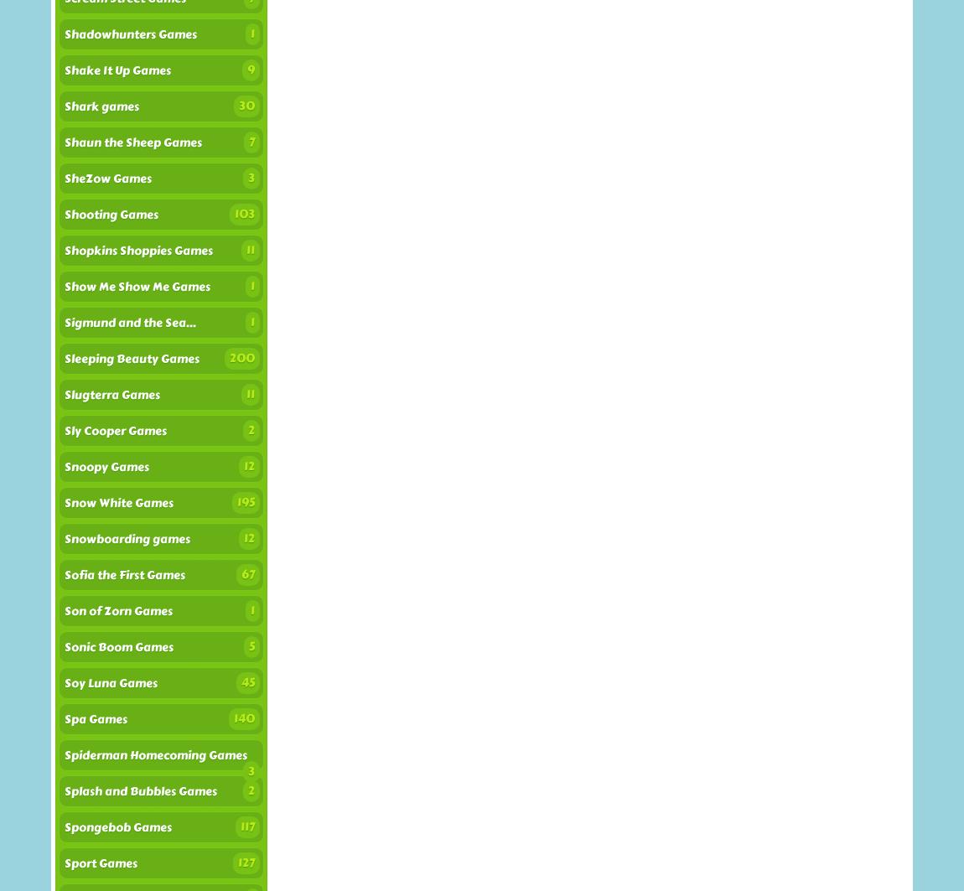 This screenshot has height=891, width=964. Describe the element at coordinates (101, 106) in the screenshot. I see `'Shark games'` at that location.